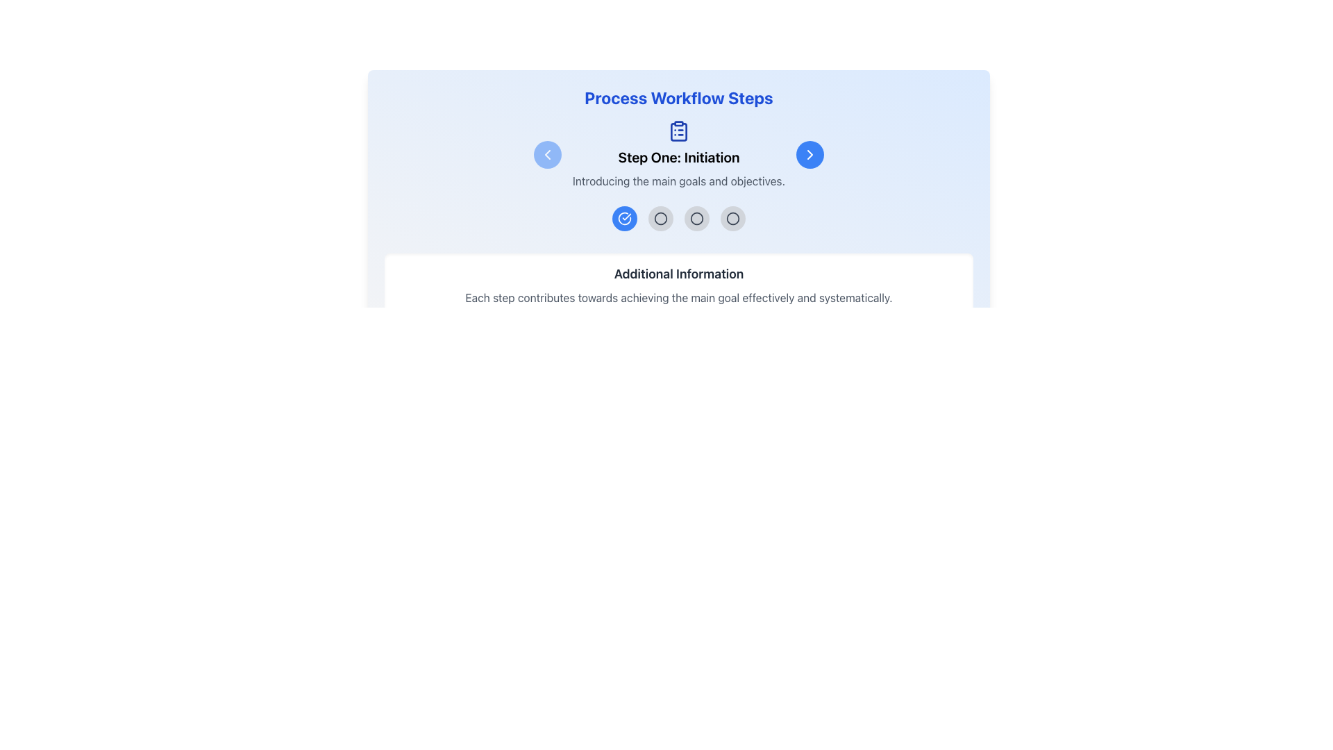  Describe the element at coordinates (732, 219) in the screenshot. I see `the fourth circular button with a gray background and a border, located below the text 'Step One: Initiation'` at that location.